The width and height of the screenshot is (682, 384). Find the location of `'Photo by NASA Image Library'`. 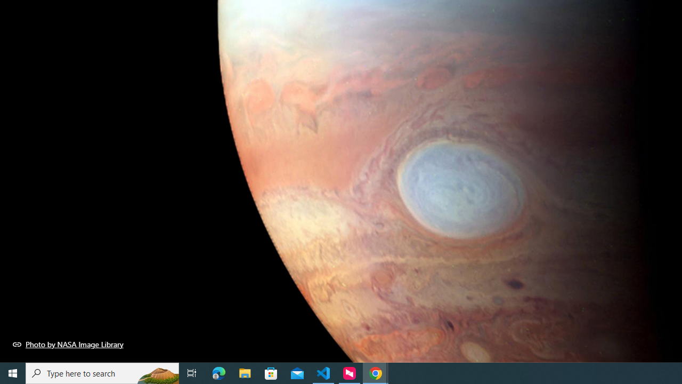

'Photo by NASA Image Library' is located at coordinates (68, 344).